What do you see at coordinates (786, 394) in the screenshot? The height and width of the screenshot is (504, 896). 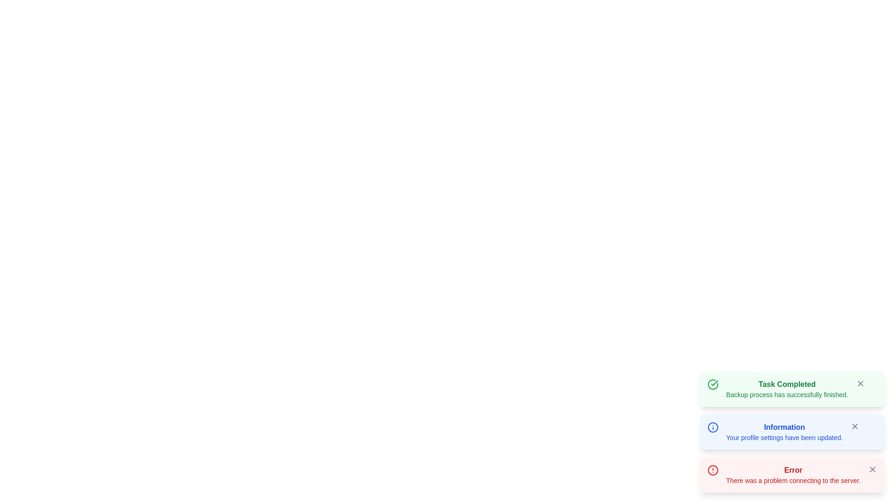 I see `the small text statement located below the bold headline 'Task Completed' within the green background box` at bounding box center [786, 394].